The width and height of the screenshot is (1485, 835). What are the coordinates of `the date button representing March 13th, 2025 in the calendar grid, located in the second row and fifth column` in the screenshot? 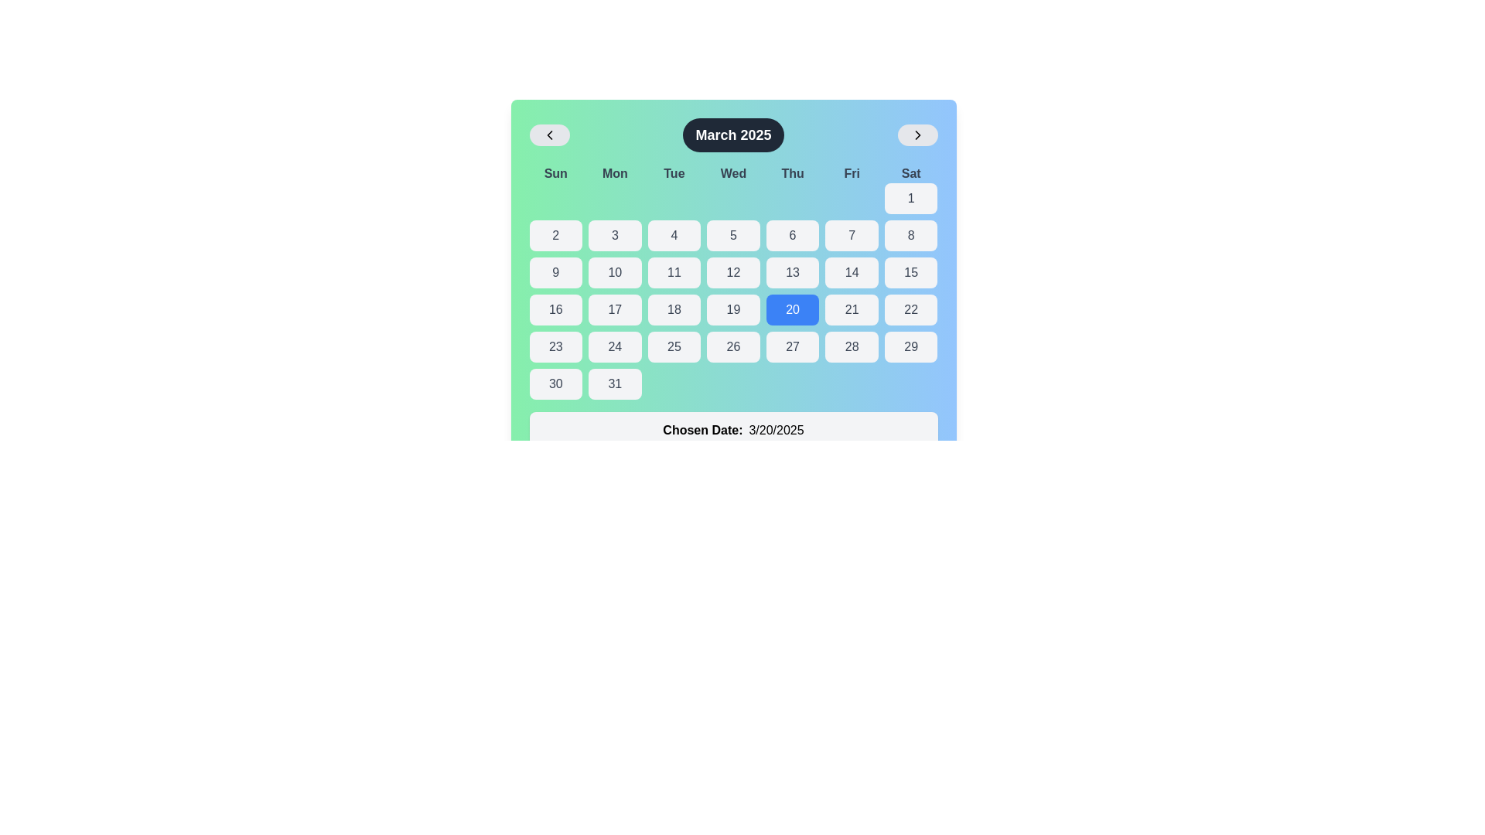 It's located at (793, 272).